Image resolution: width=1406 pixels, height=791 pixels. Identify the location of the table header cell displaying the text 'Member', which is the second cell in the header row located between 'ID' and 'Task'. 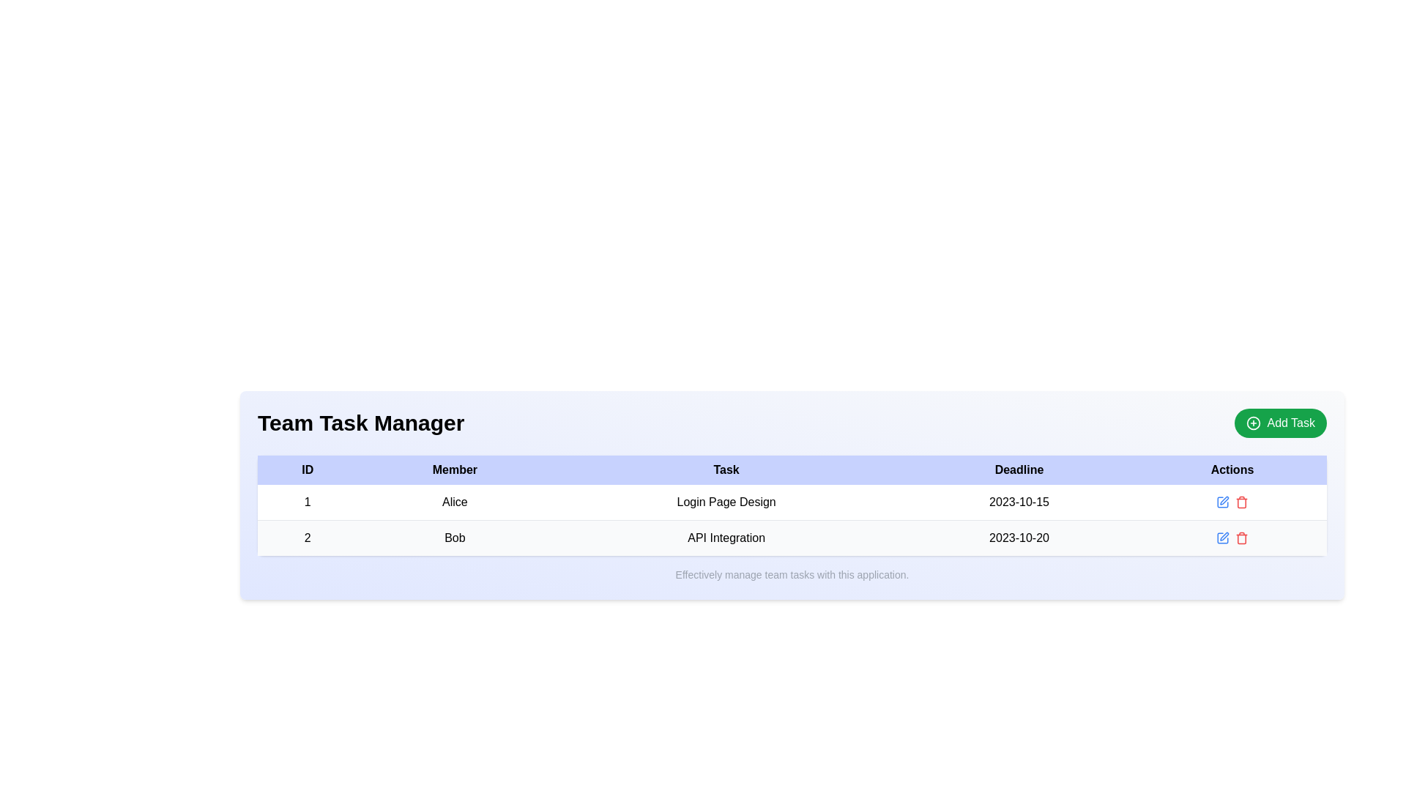
(454, 469).